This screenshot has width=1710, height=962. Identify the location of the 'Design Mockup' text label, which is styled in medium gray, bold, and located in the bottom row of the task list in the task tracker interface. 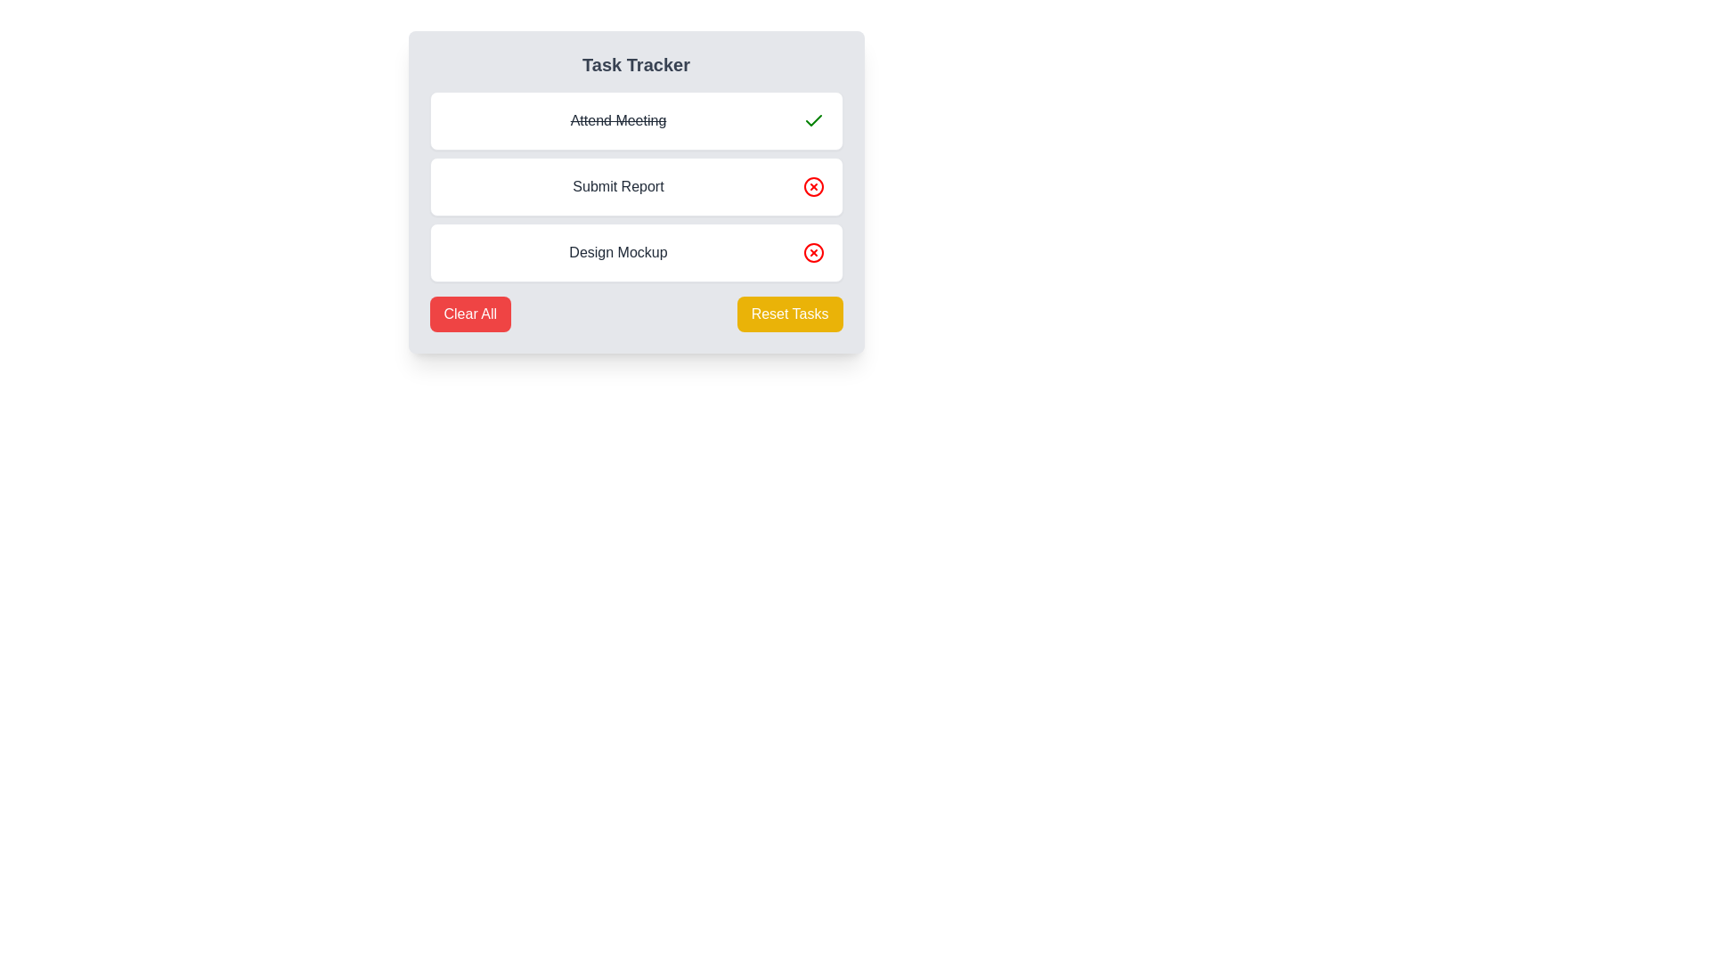
(618, 253).